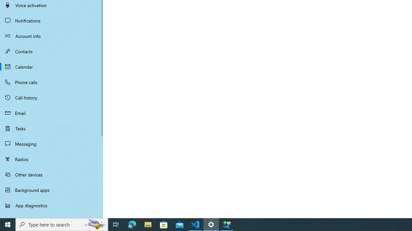  What do you see at coordinates (51, 159) in the screenshot?
I see `'Radios'` at bounding box center [51, 159].